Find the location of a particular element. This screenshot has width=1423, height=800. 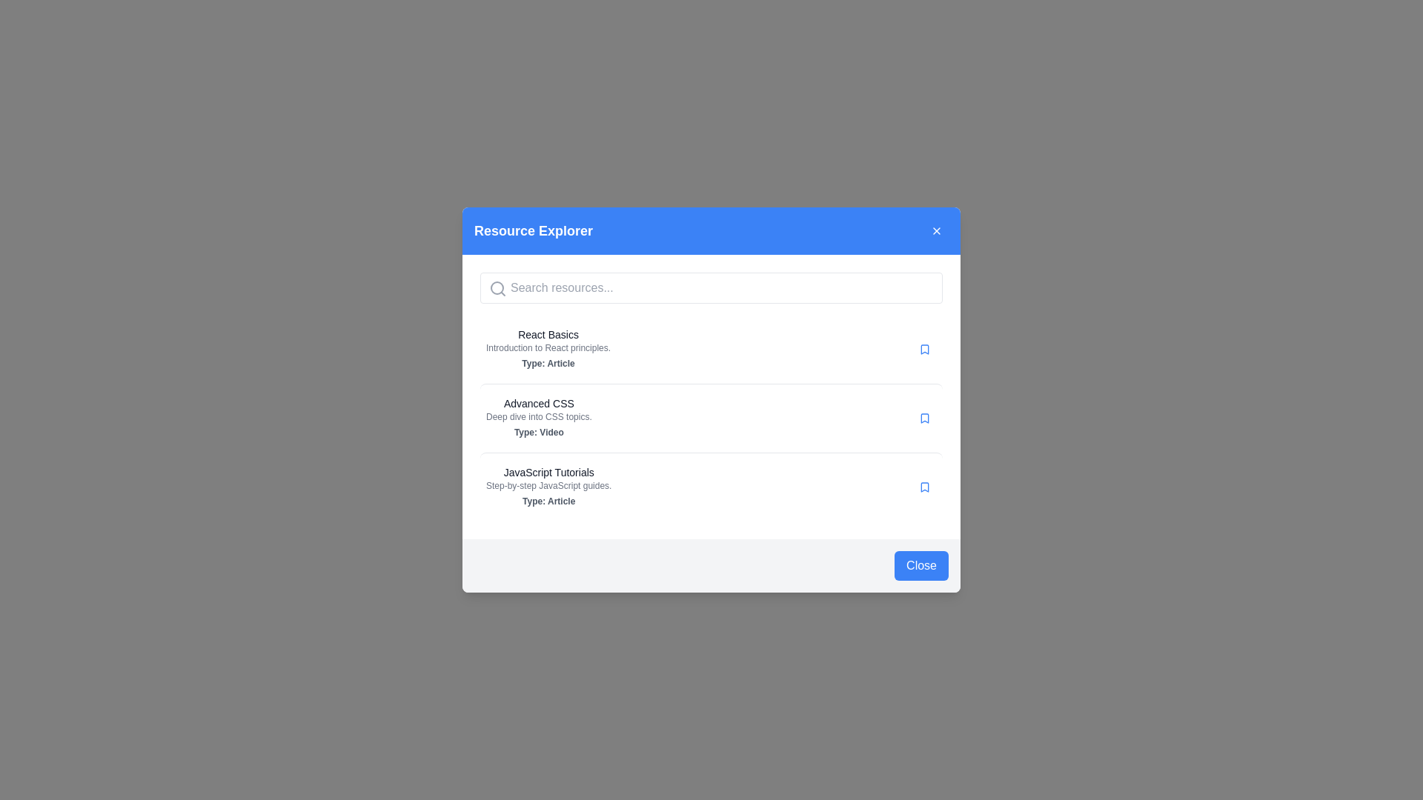

text label displaying 'React Basics' at the top of the resource list interface for information about the resource is located at coordinates (547, 334).